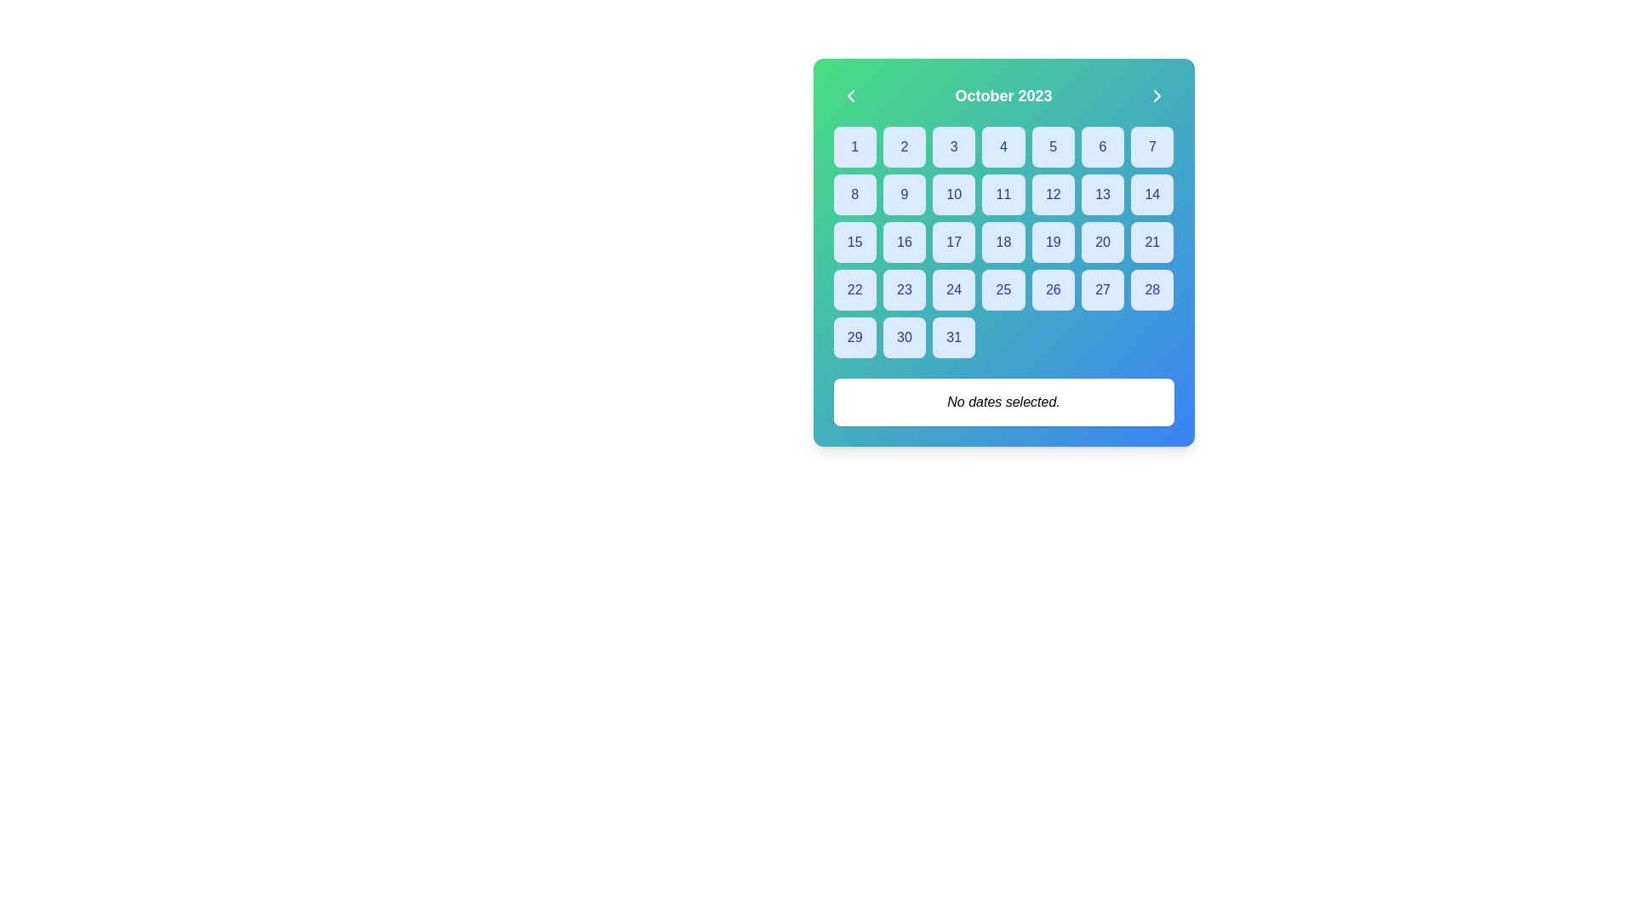 Image resolution: width=1634 pixels, height=919 pixels. Describe the element at coordinates (903, 146) in the screenshot. I see `the button representing the second day of the month in a calendar` at that location.